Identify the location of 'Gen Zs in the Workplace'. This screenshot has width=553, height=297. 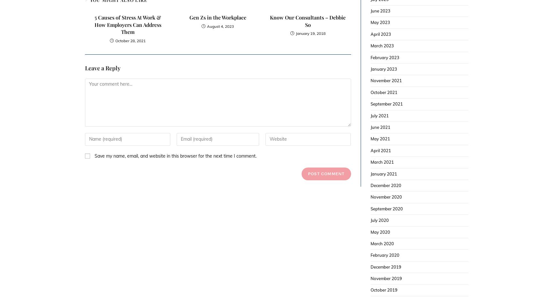
(217, 17).